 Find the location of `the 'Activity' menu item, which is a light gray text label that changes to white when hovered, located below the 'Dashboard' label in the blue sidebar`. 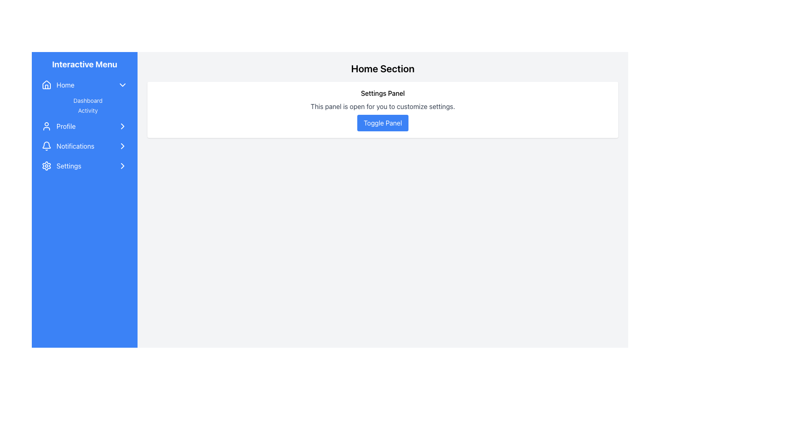

the 'Activity' menu item, which is a light gray text label that changes to white when hovered, located below the 'Dashboard' label in the blue sidebar is located at coordinates (88, 110).